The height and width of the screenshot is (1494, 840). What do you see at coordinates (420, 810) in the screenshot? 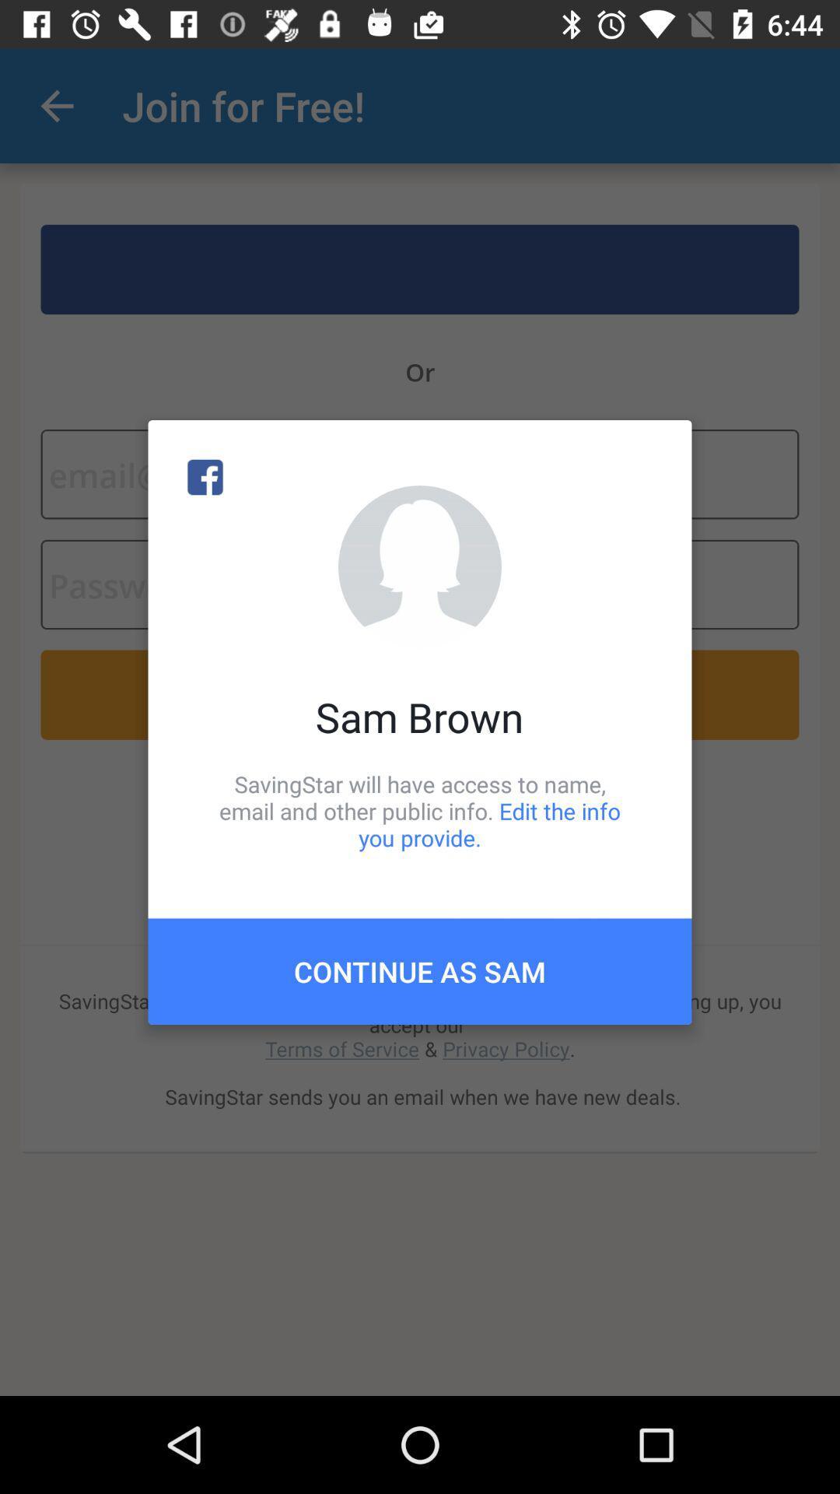
I see `icon above the continue as sam icon` at bounding box center [420, 810].